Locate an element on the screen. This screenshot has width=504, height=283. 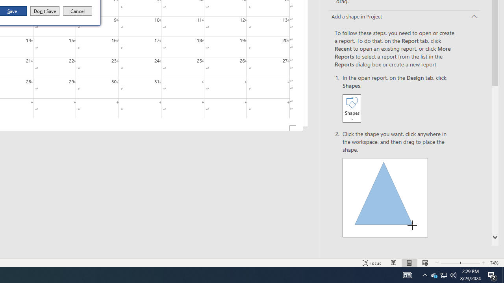
'Cancel' is located at coordinates (78, 11).